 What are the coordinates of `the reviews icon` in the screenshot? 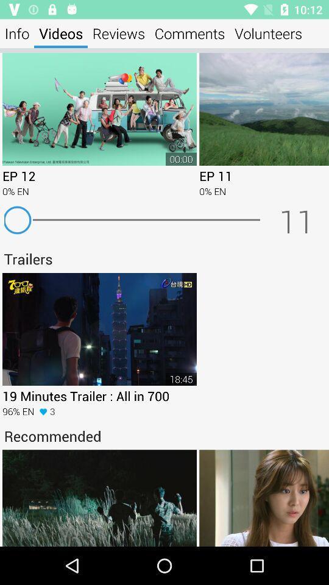 It's located at (118, 33).